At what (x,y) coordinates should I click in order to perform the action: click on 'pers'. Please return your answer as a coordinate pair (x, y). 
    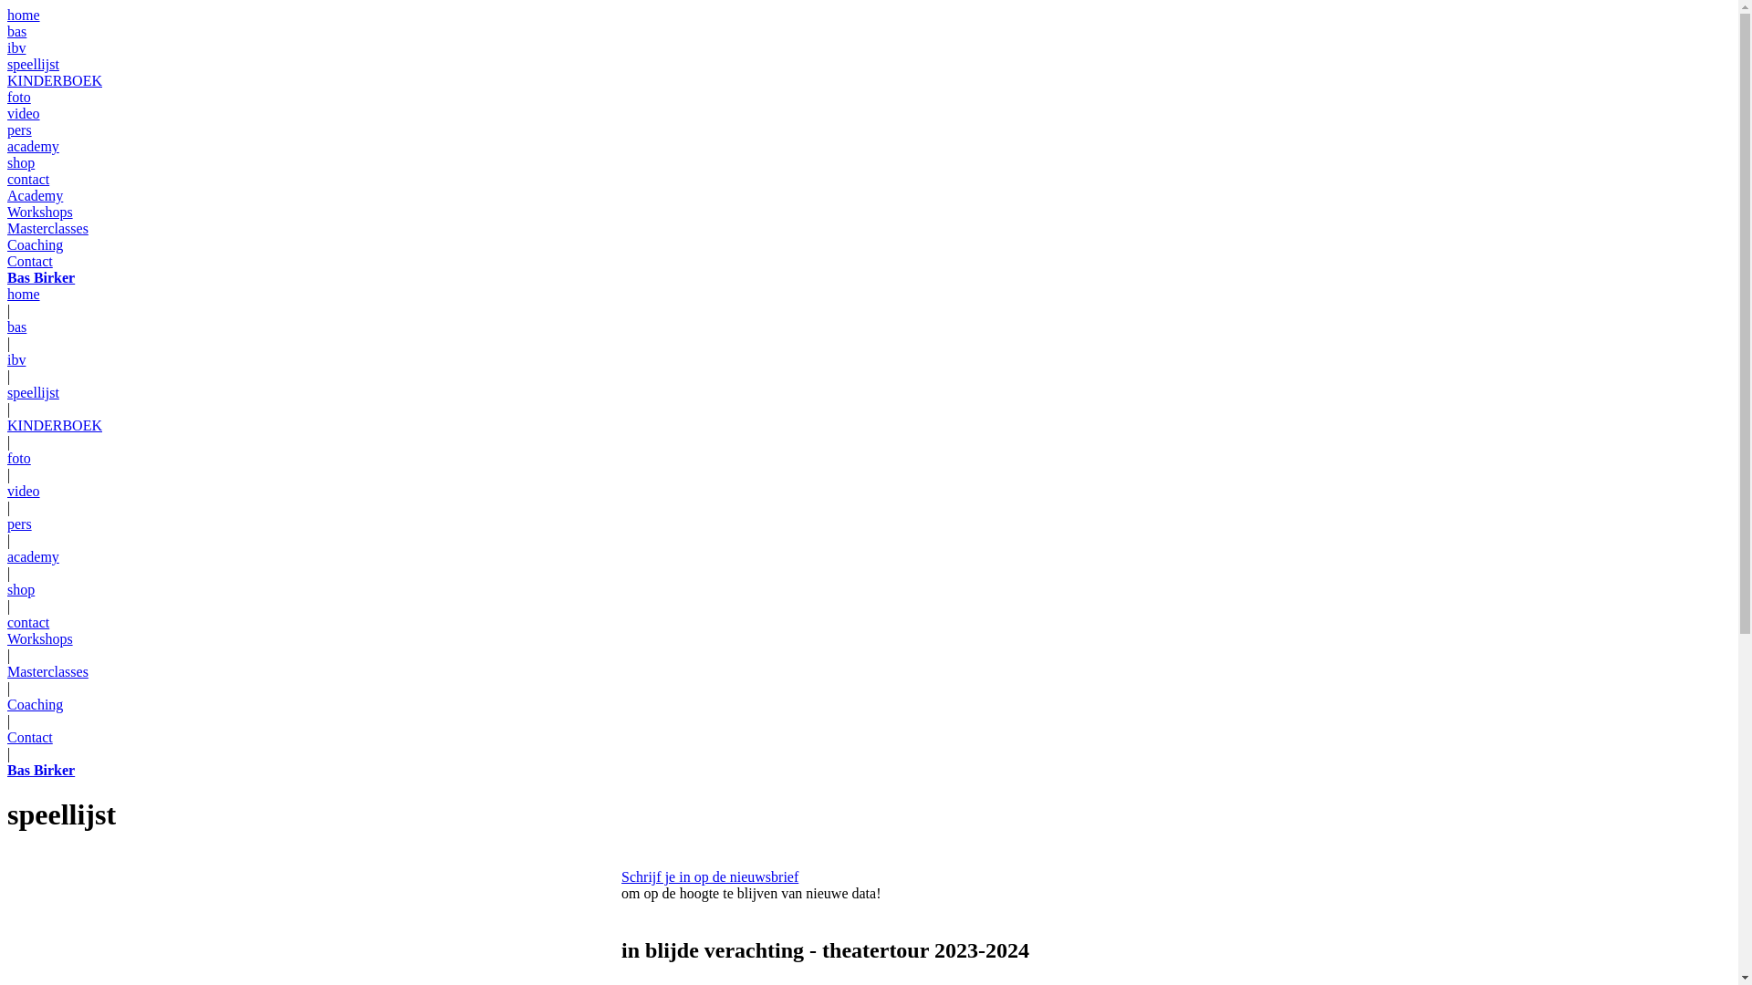
    Looking at the image, I should click on (19, 524).